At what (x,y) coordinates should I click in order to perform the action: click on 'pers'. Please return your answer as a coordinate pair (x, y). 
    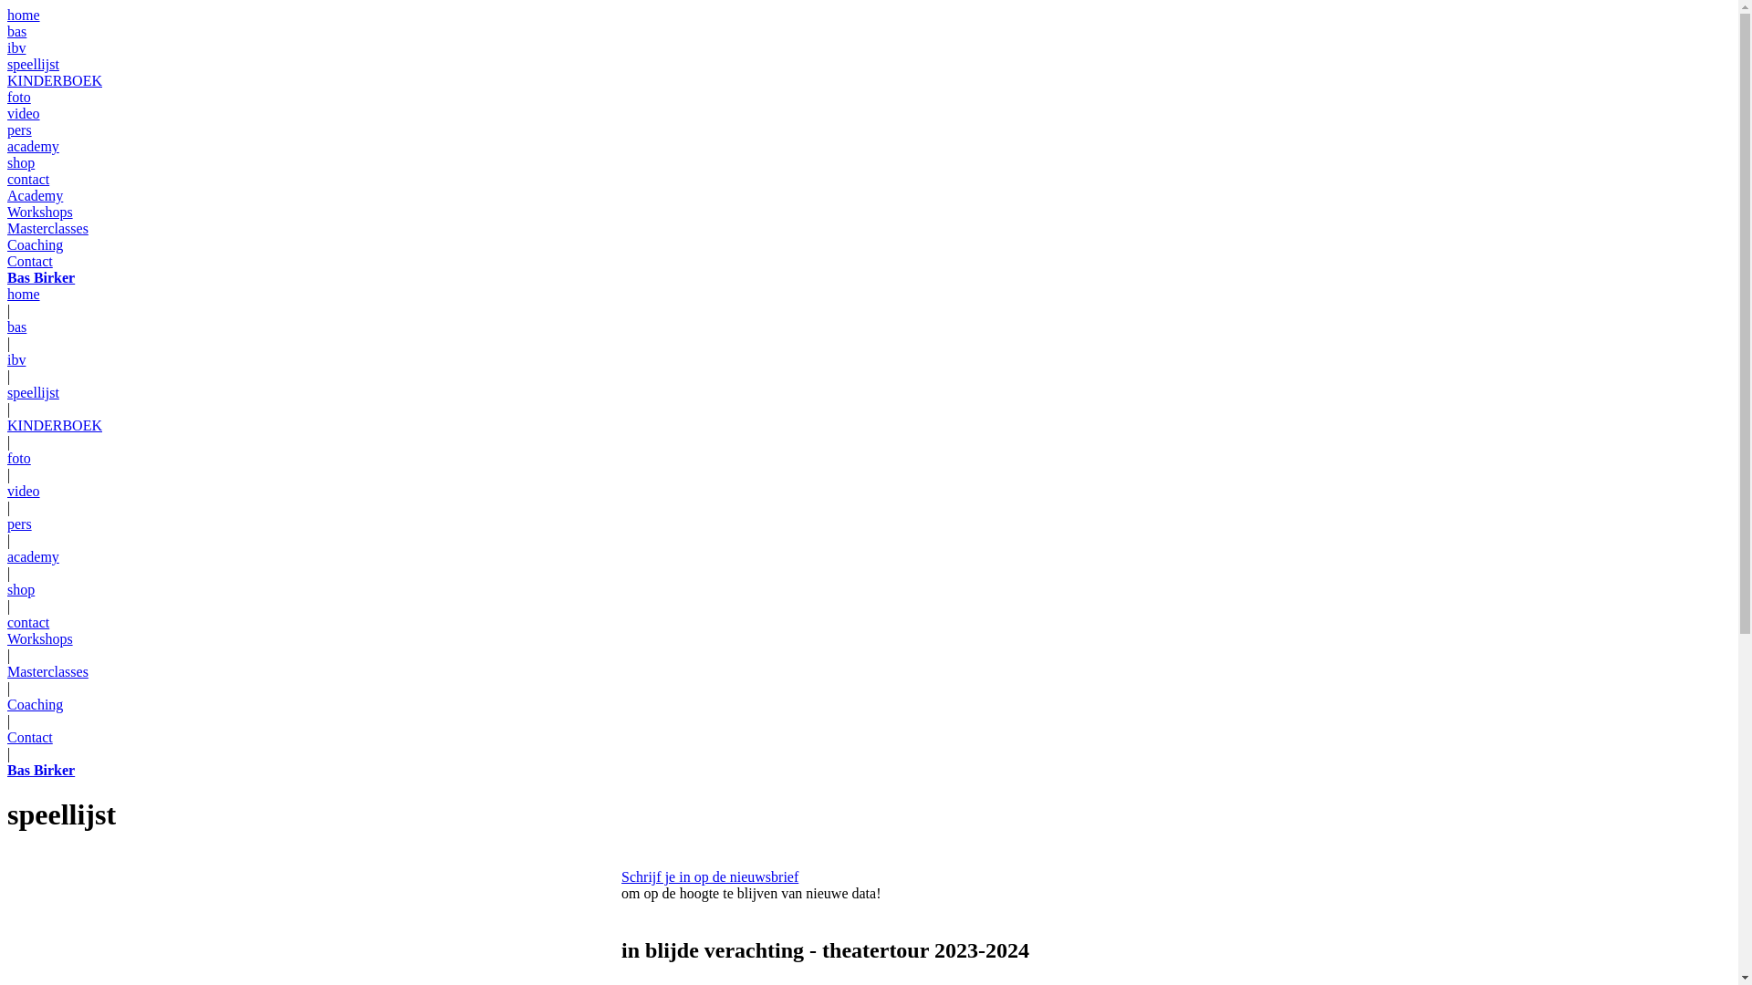
    Looking at the image, I should click on (19, 524).